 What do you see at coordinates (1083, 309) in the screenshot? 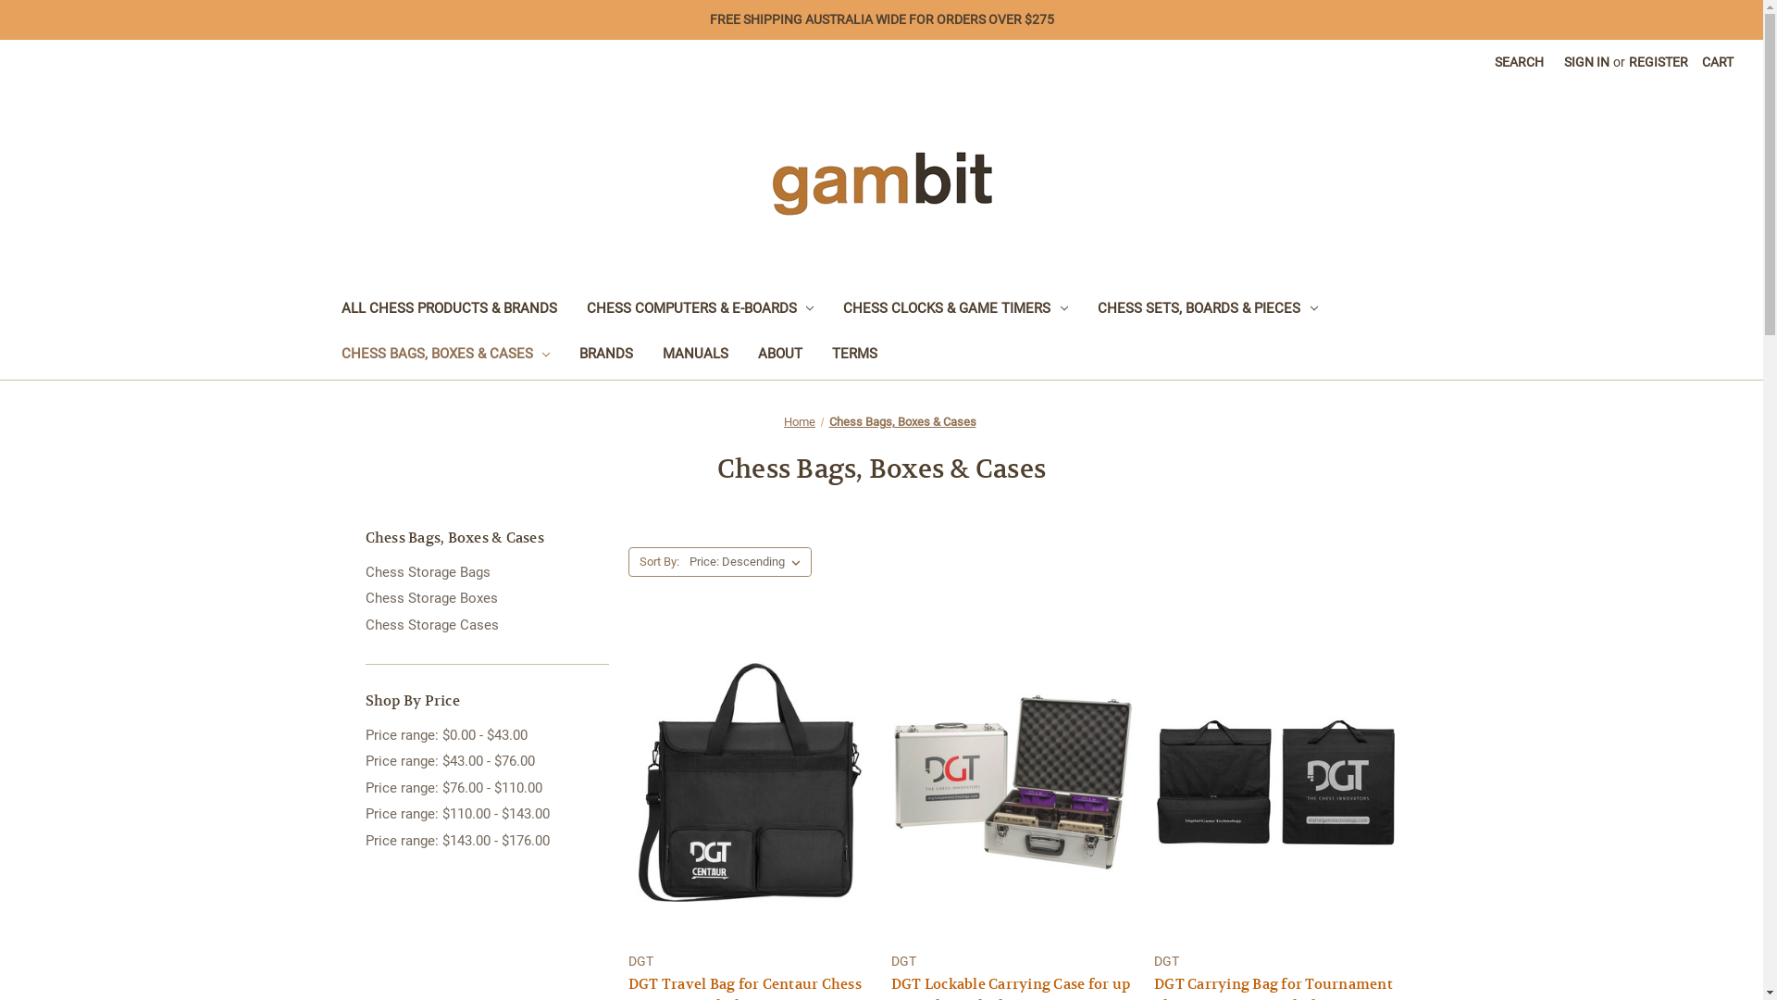
I see `'CHESS SETS, BOARDS & PIECES'` at bounding box center [1083, 309].